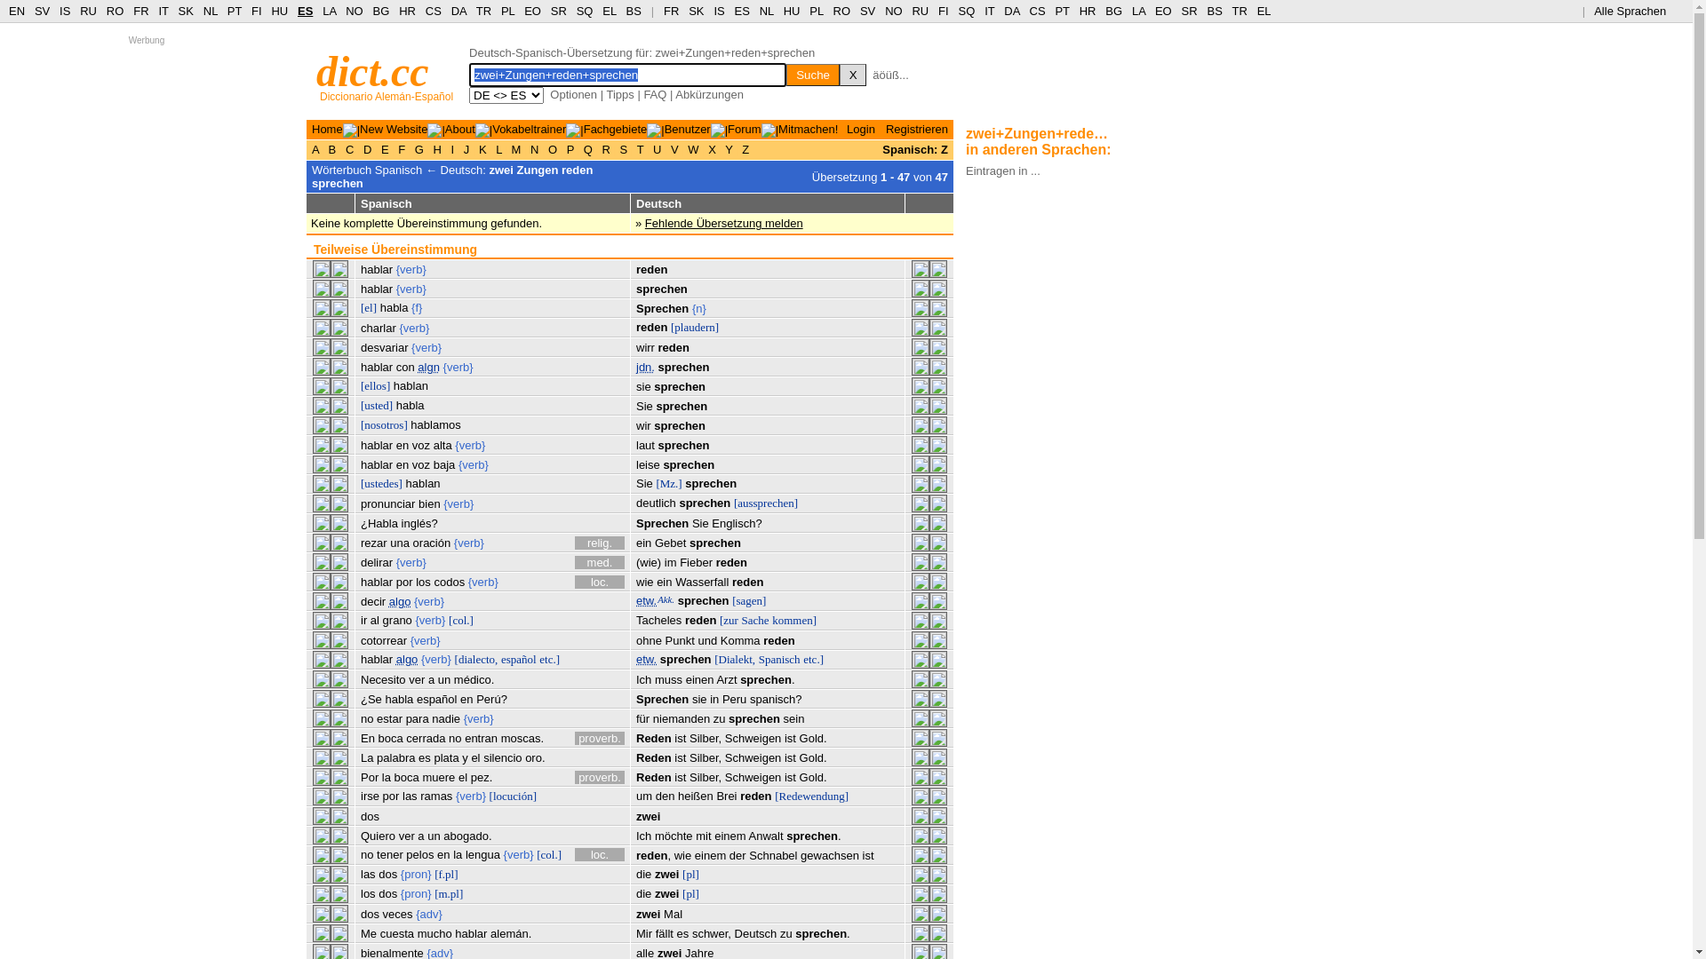 Image resolution: width=1706 pixels, height=959 pixels. I want to click on 'ist', so click(789, 757).